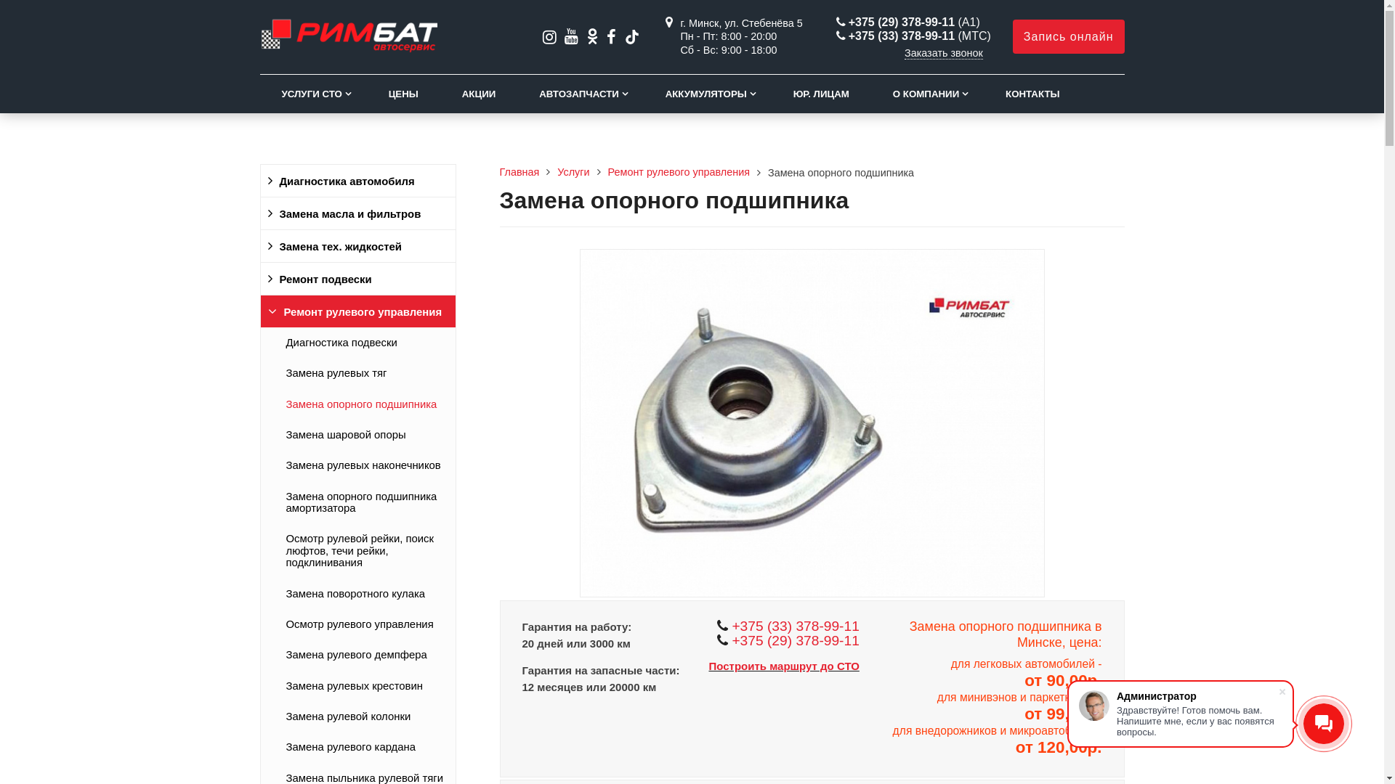 This screenshot has height=784, width=1395. Describe the element at coordinates (794, 625) in the screenshot. I see `'+375 (33) 378-99-11'` at that location.